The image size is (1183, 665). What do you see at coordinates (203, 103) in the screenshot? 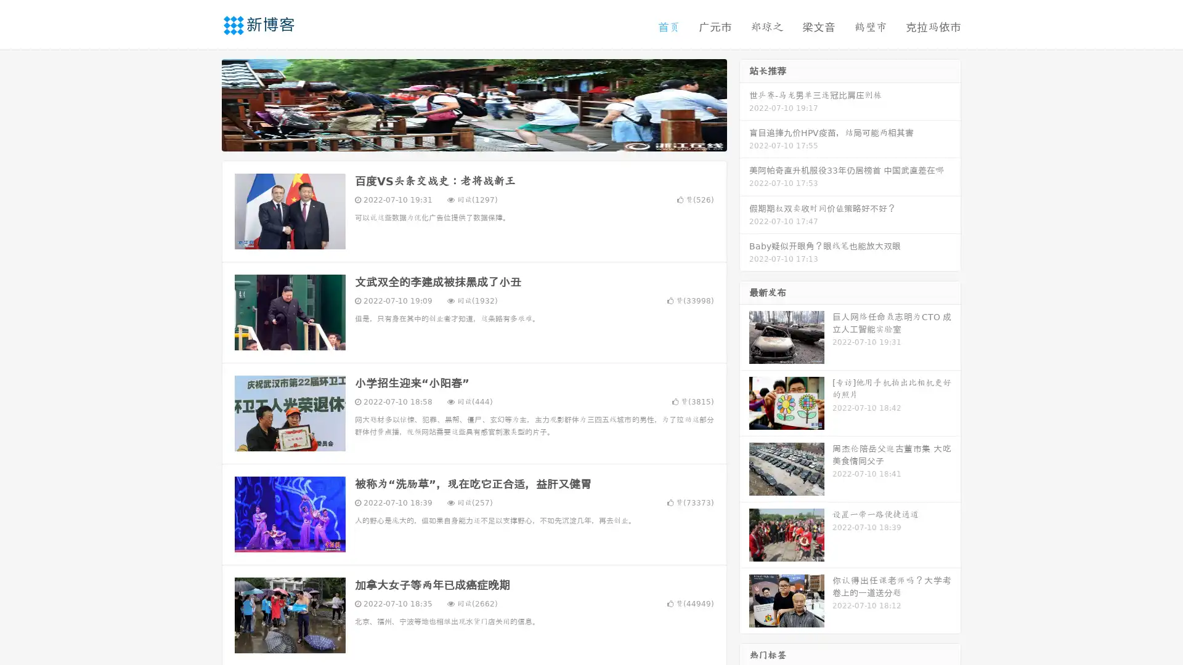
I see `Previous slide` at bounding box center [203, 103].